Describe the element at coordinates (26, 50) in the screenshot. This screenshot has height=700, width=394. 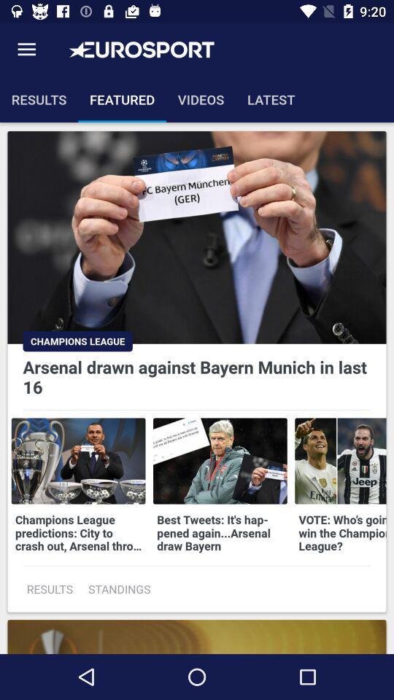
I see `icon above the results item` at that location.